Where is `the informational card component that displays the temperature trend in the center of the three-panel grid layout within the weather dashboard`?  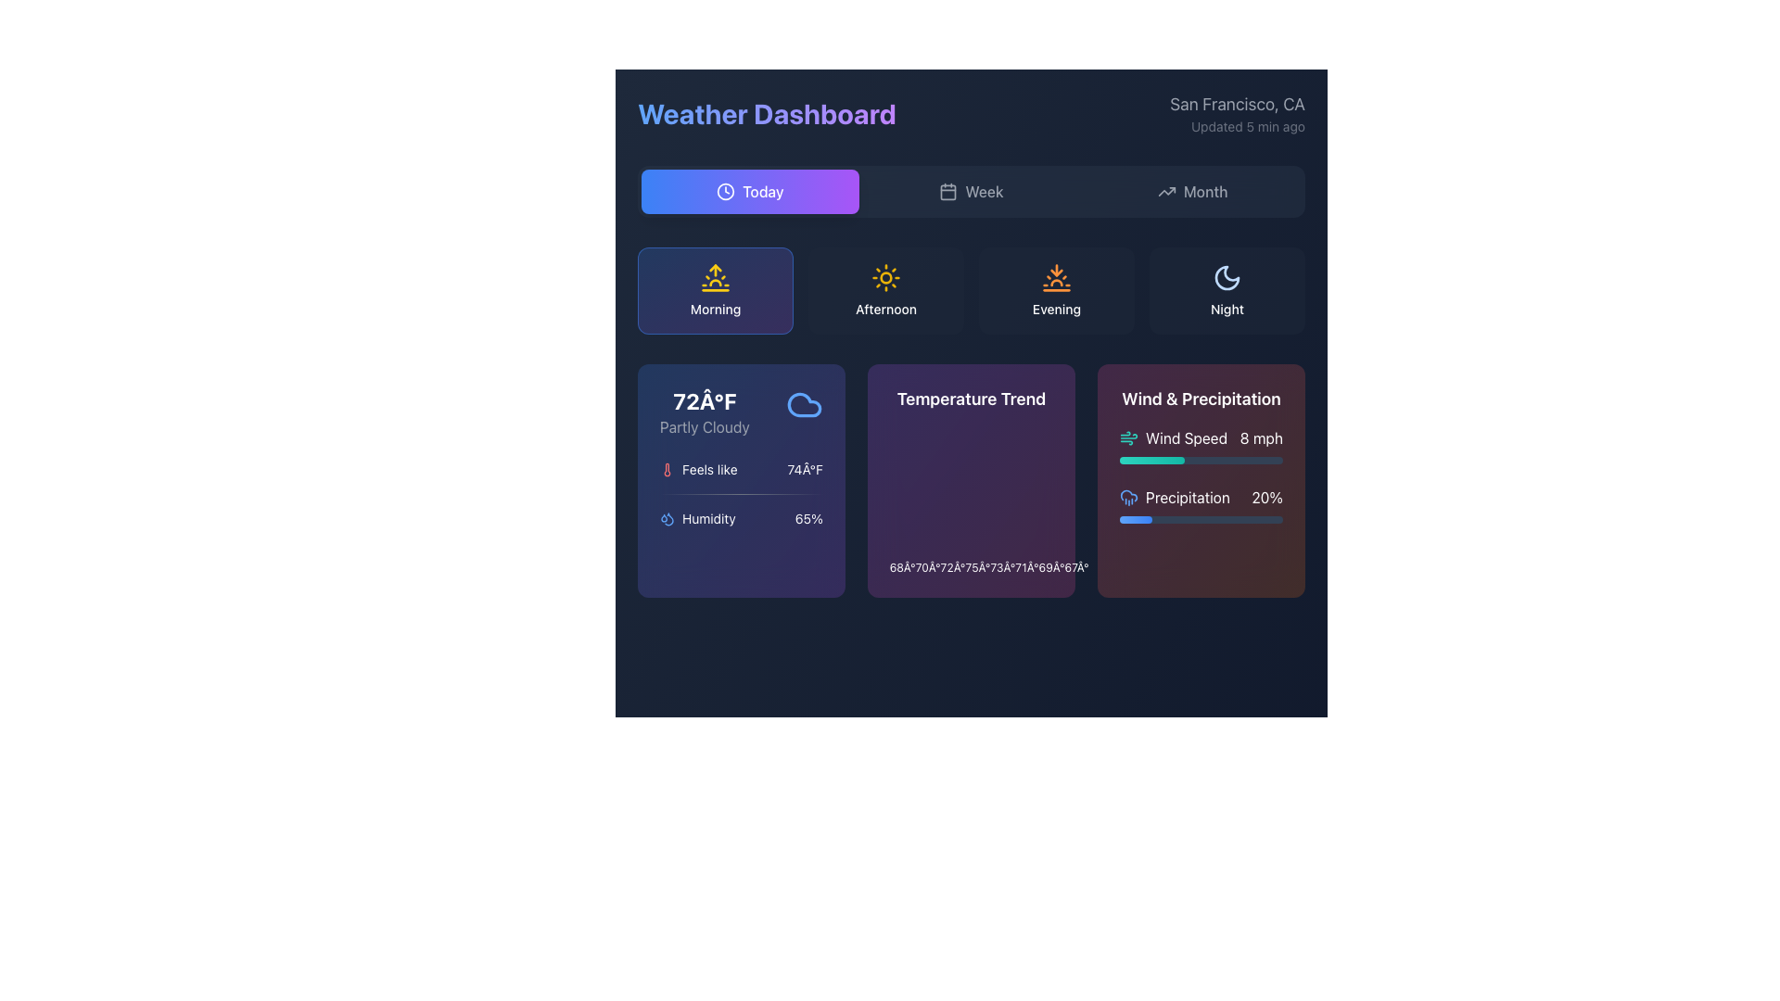
the informational card component that displays the temperature trend in the center of the three-panel grid layout within the weather dashboard is located at coordinates (970, 480).